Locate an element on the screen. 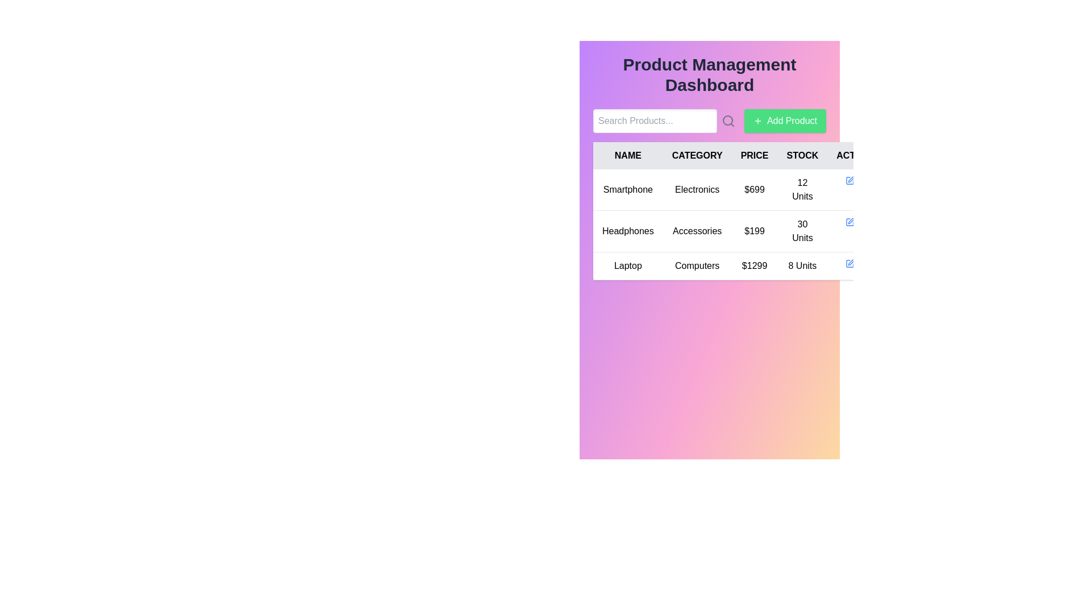  the text label that serves as the header for managing products, located at the top center of the interface is located at coordinates (709, 74).